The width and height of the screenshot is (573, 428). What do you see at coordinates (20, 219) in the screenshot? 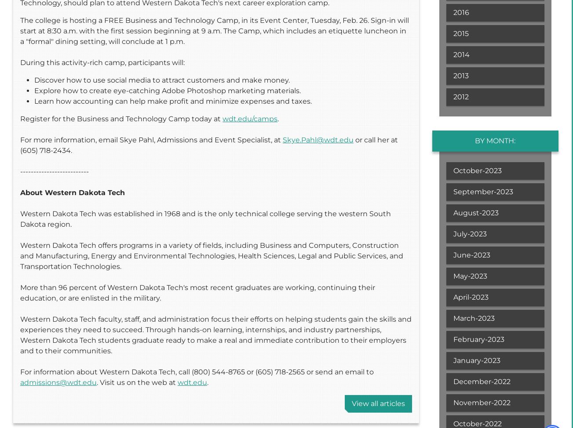
I see `'Western Dakota Tech was established in 1968 and is the only technical college serving the western South Dakota region.'` at bounding box center [20, 219].